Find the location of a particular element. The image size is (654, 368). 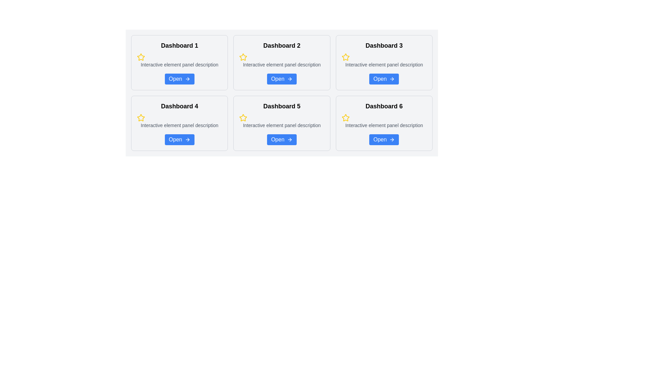

the star-shaped icon button, which is yellow and located next to the 'Dashboard 2' title is located at coordinates (243, 56).